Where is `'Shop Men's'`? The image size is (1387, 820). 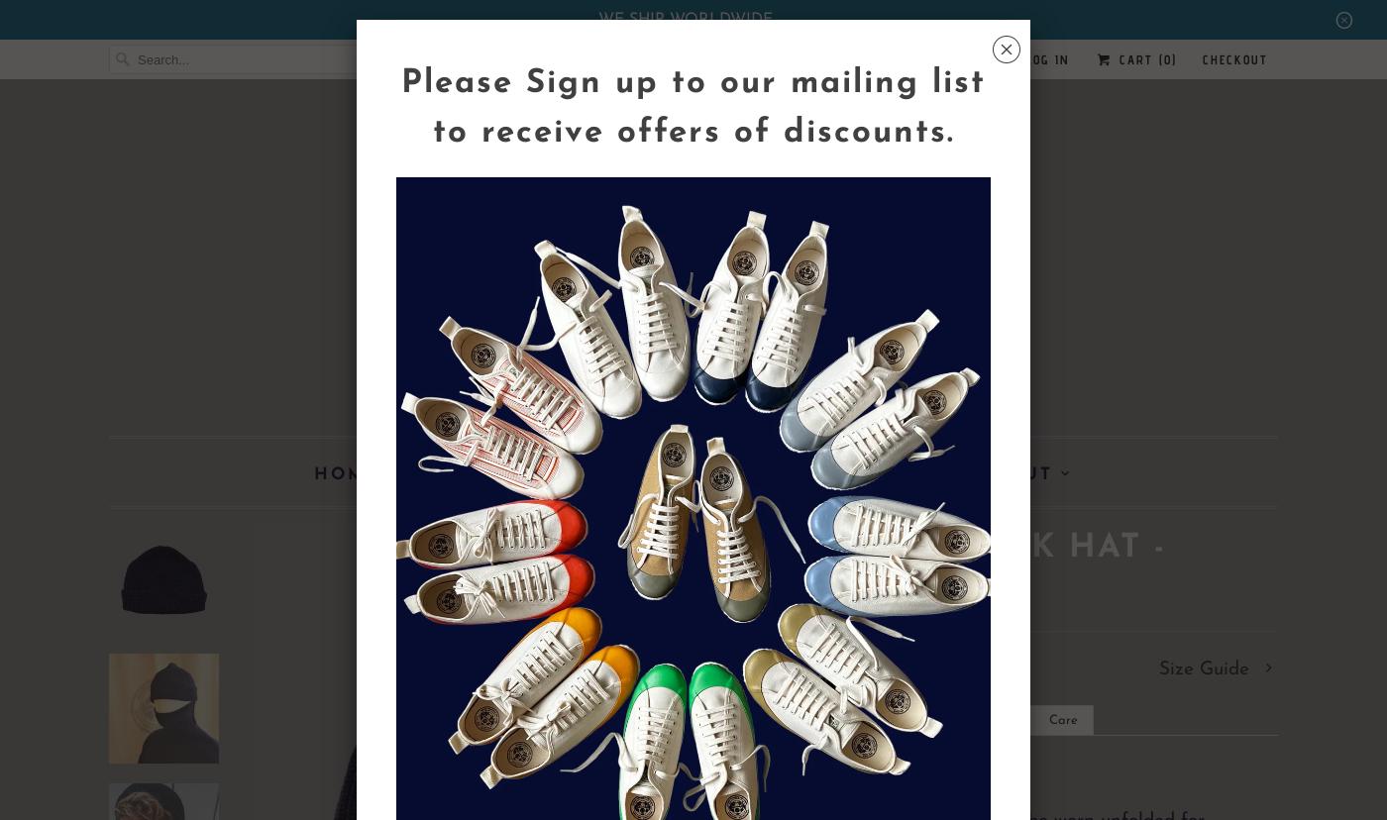
'Shop Men's' is located at coordinates (494, 473).